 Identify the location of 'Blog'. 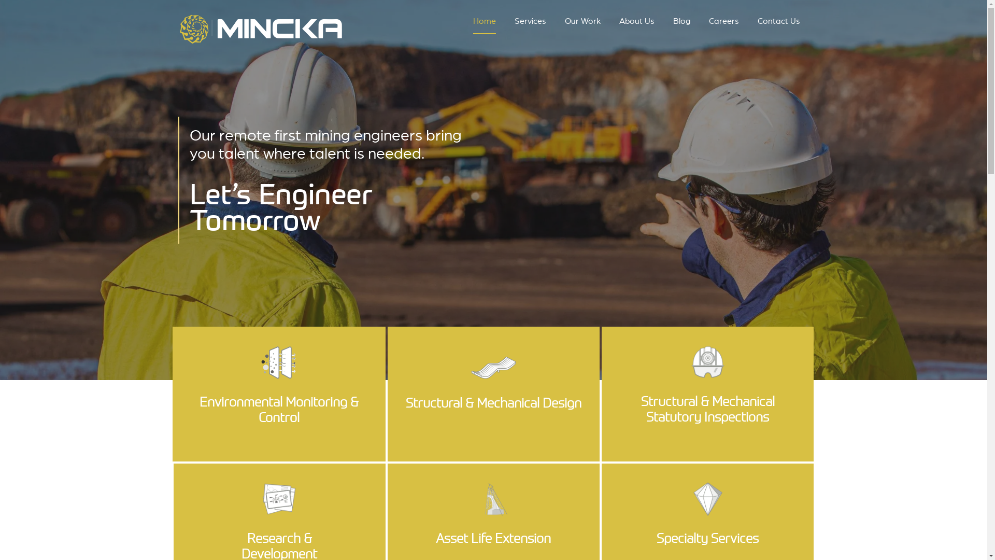
(673, 23).